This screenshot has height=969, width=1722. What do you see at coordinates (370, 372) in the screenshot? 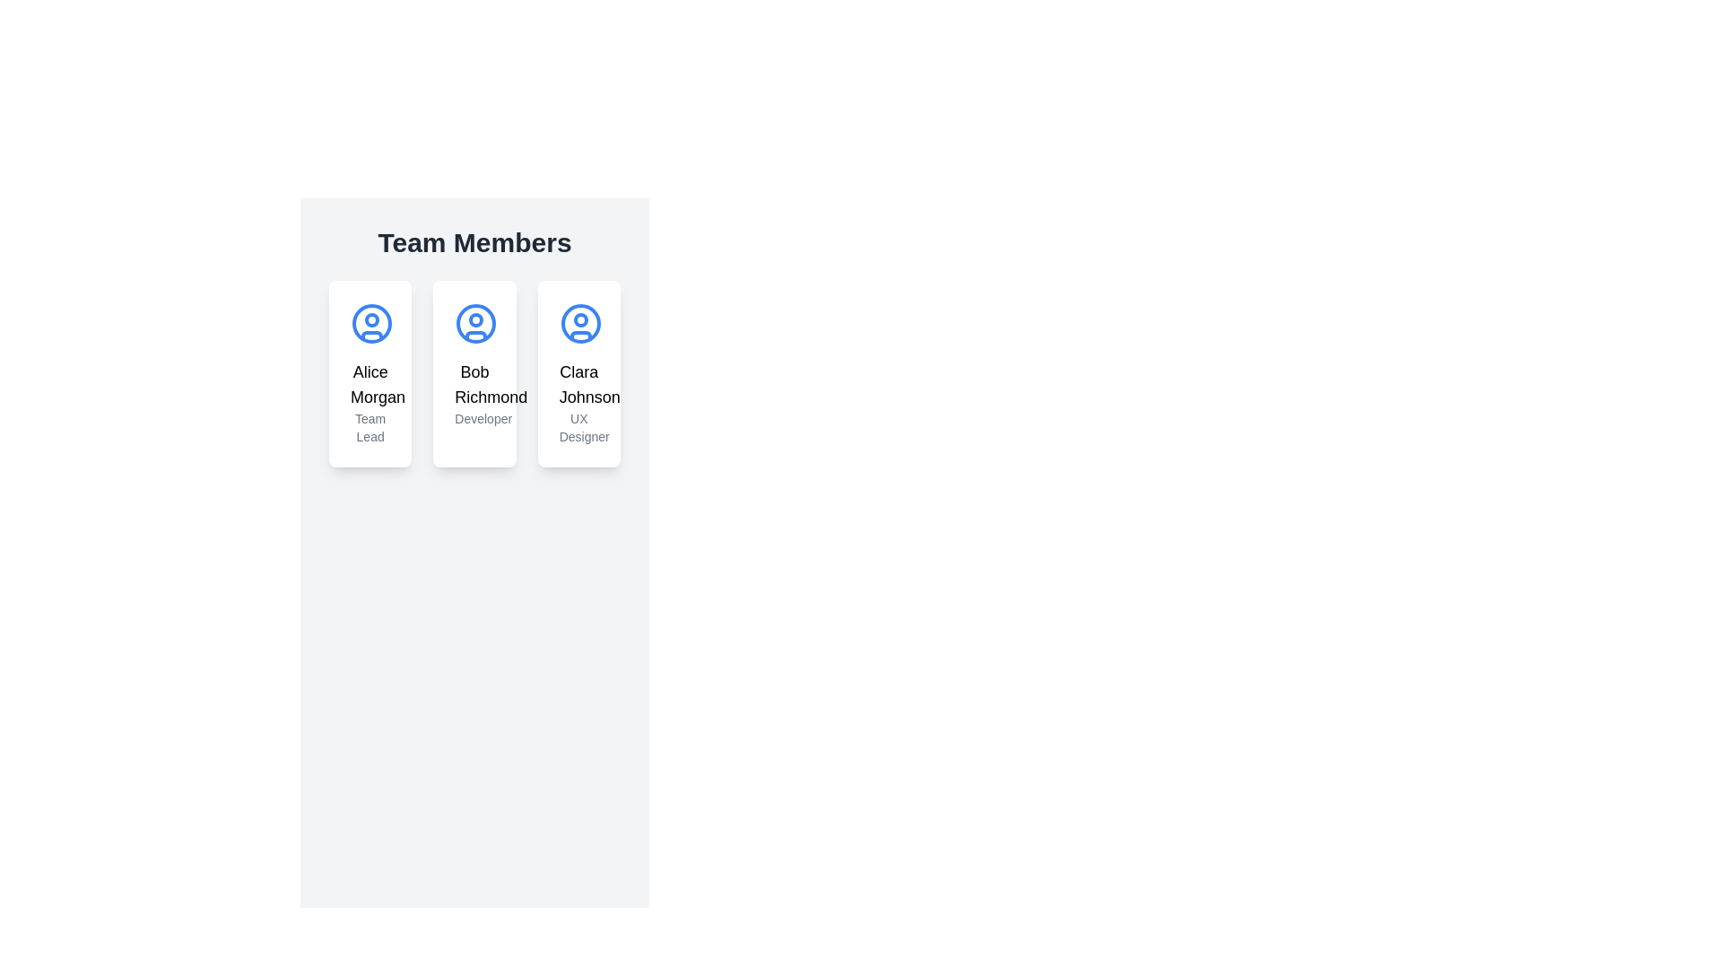
I see `displayed information on the Informational card featuring 'Alice Morgan' and 'Team Lead', which is the first card in a series of three located in the center area of the page` at bounding box center [370, 372].